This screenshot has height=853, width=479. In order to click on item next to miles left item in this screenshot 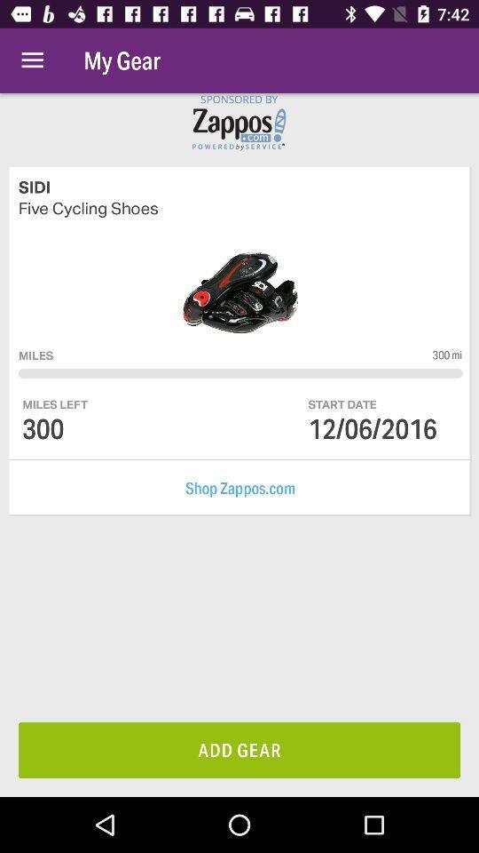, I will do `click(342, 404)`.